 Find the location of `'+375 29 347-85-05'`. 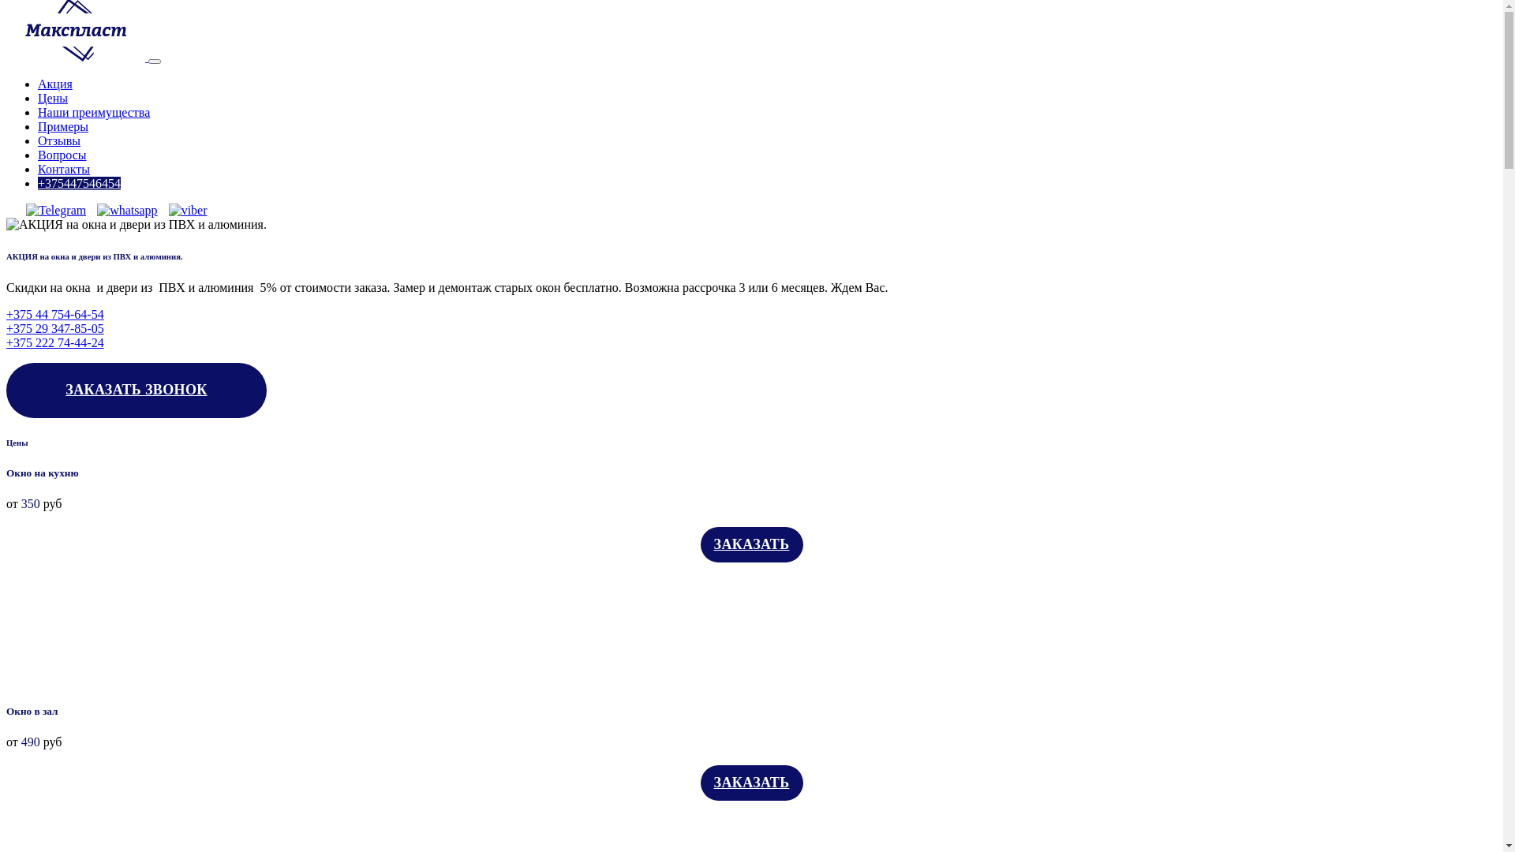

'+375 29 347-85-05' is located at coordinates (55, 327).